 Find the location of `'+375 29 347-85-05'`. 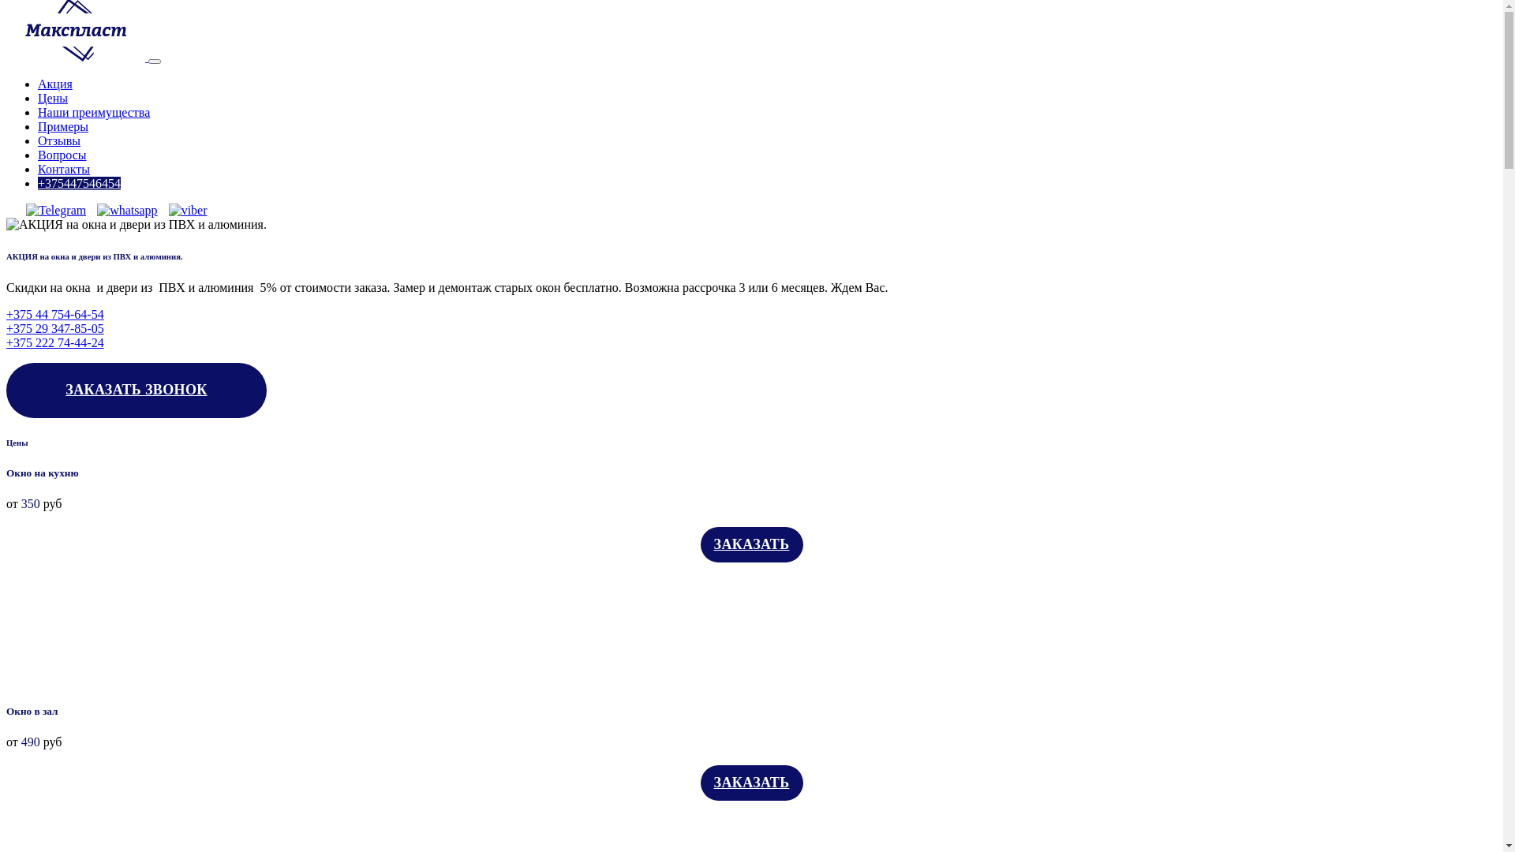

'+375 29 347-85-05' is located at coordinates (55, 327).